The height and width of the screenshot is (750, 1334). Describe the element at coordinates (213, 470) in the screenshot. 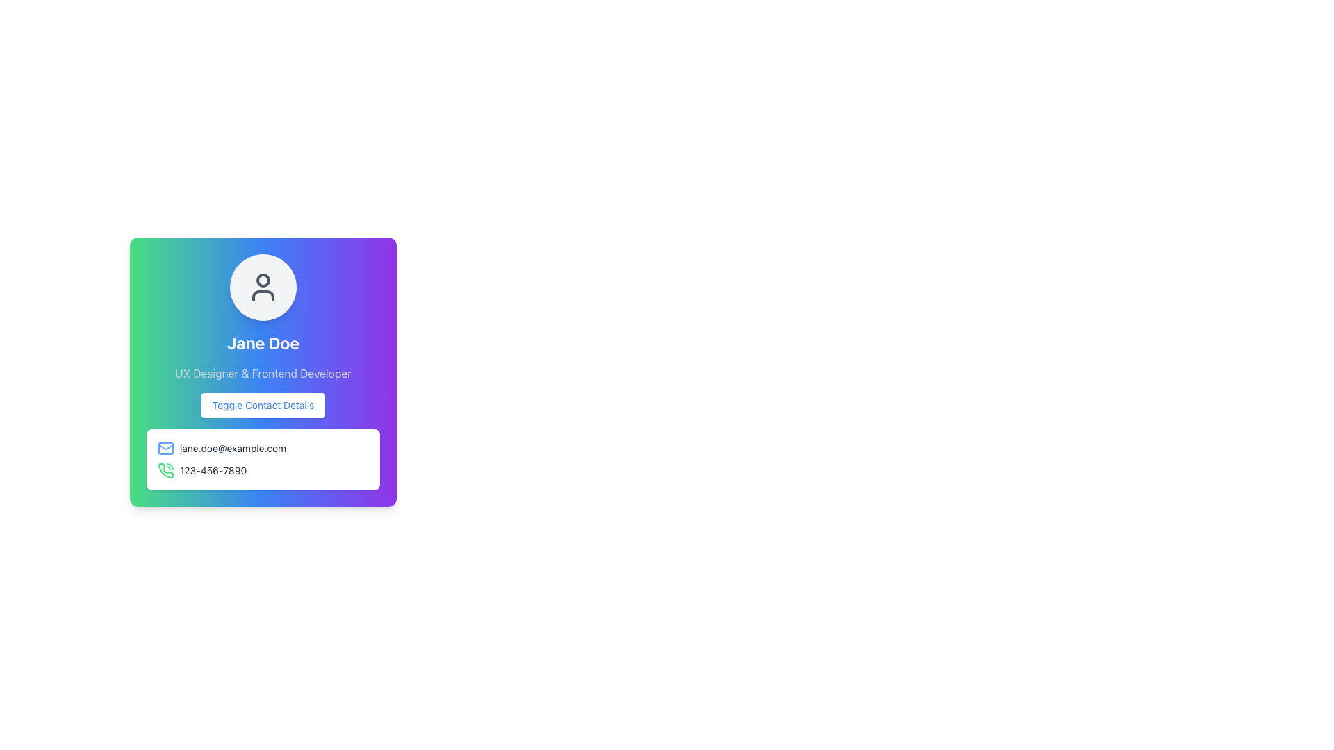

I see `static text displaying the phone number '123-456-7890', which is located at the bottom of a card interface, to the right of a green phone icon` at that location.